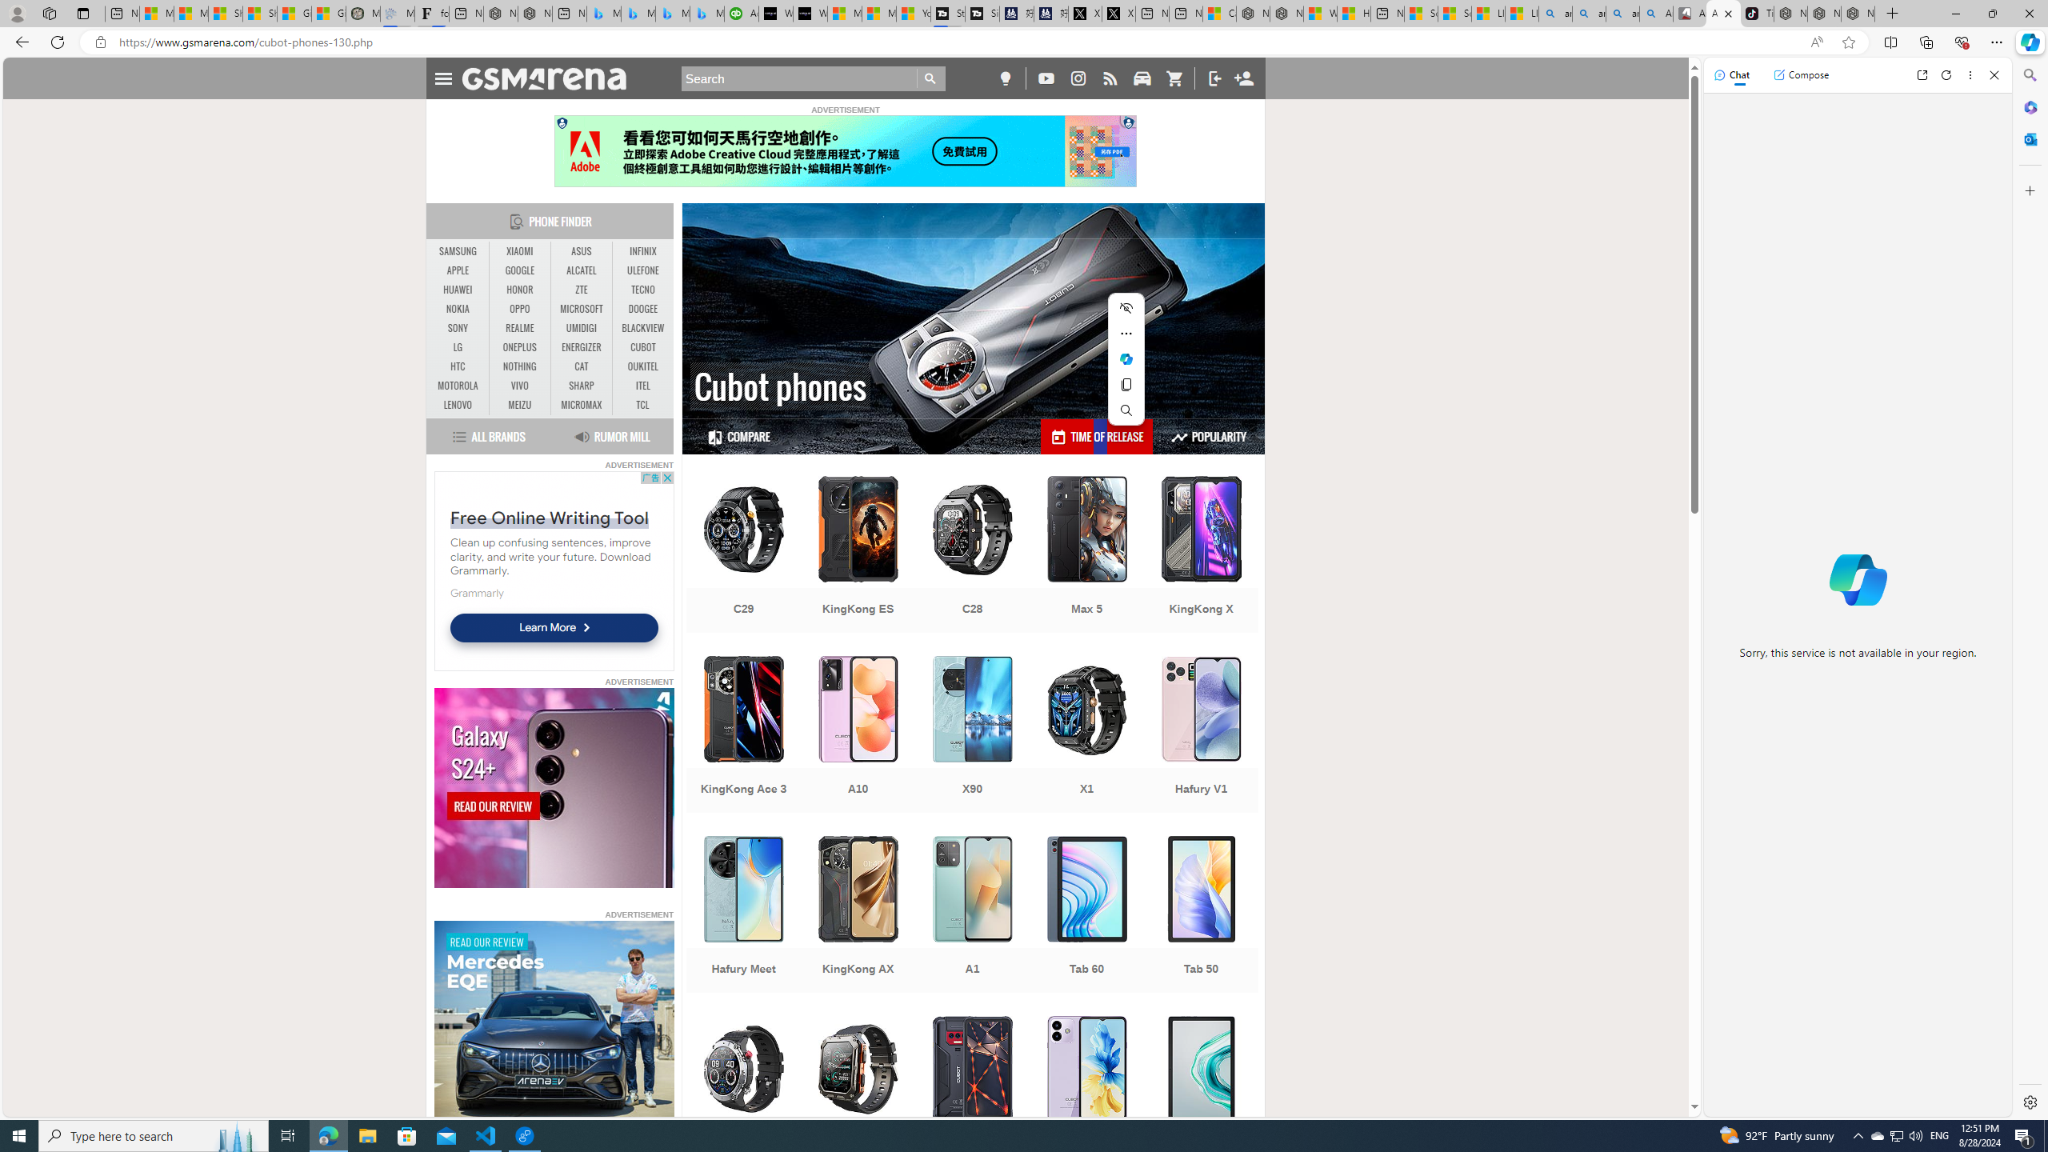 The height and width of the screenshot is (1152, 2048). I want to click on 'TCL', so click(642, 404).